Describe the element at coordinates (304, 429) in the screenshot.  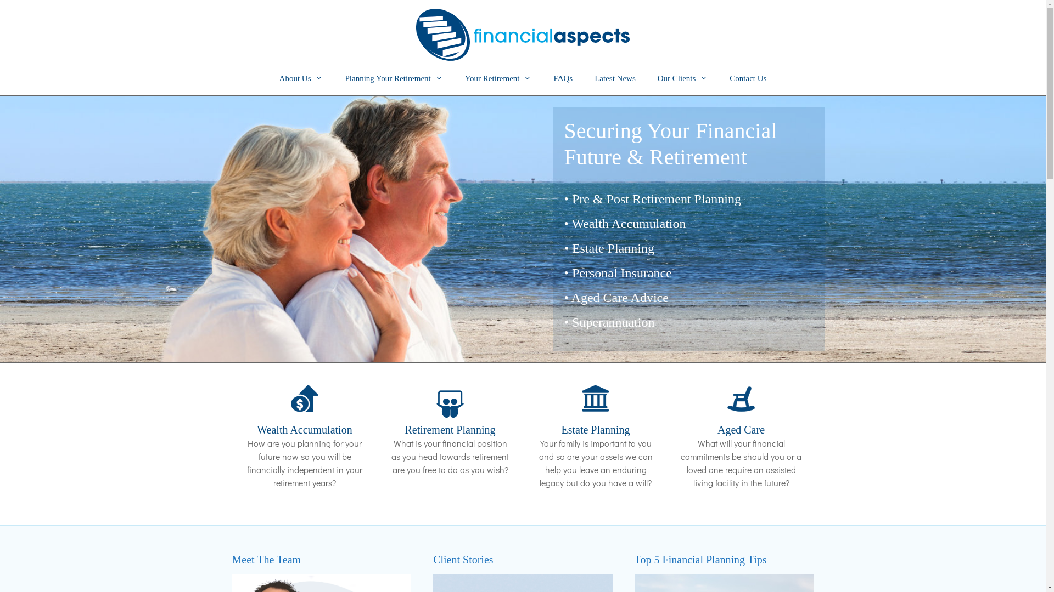
I see `'Wealth Accumulation'` at that location.